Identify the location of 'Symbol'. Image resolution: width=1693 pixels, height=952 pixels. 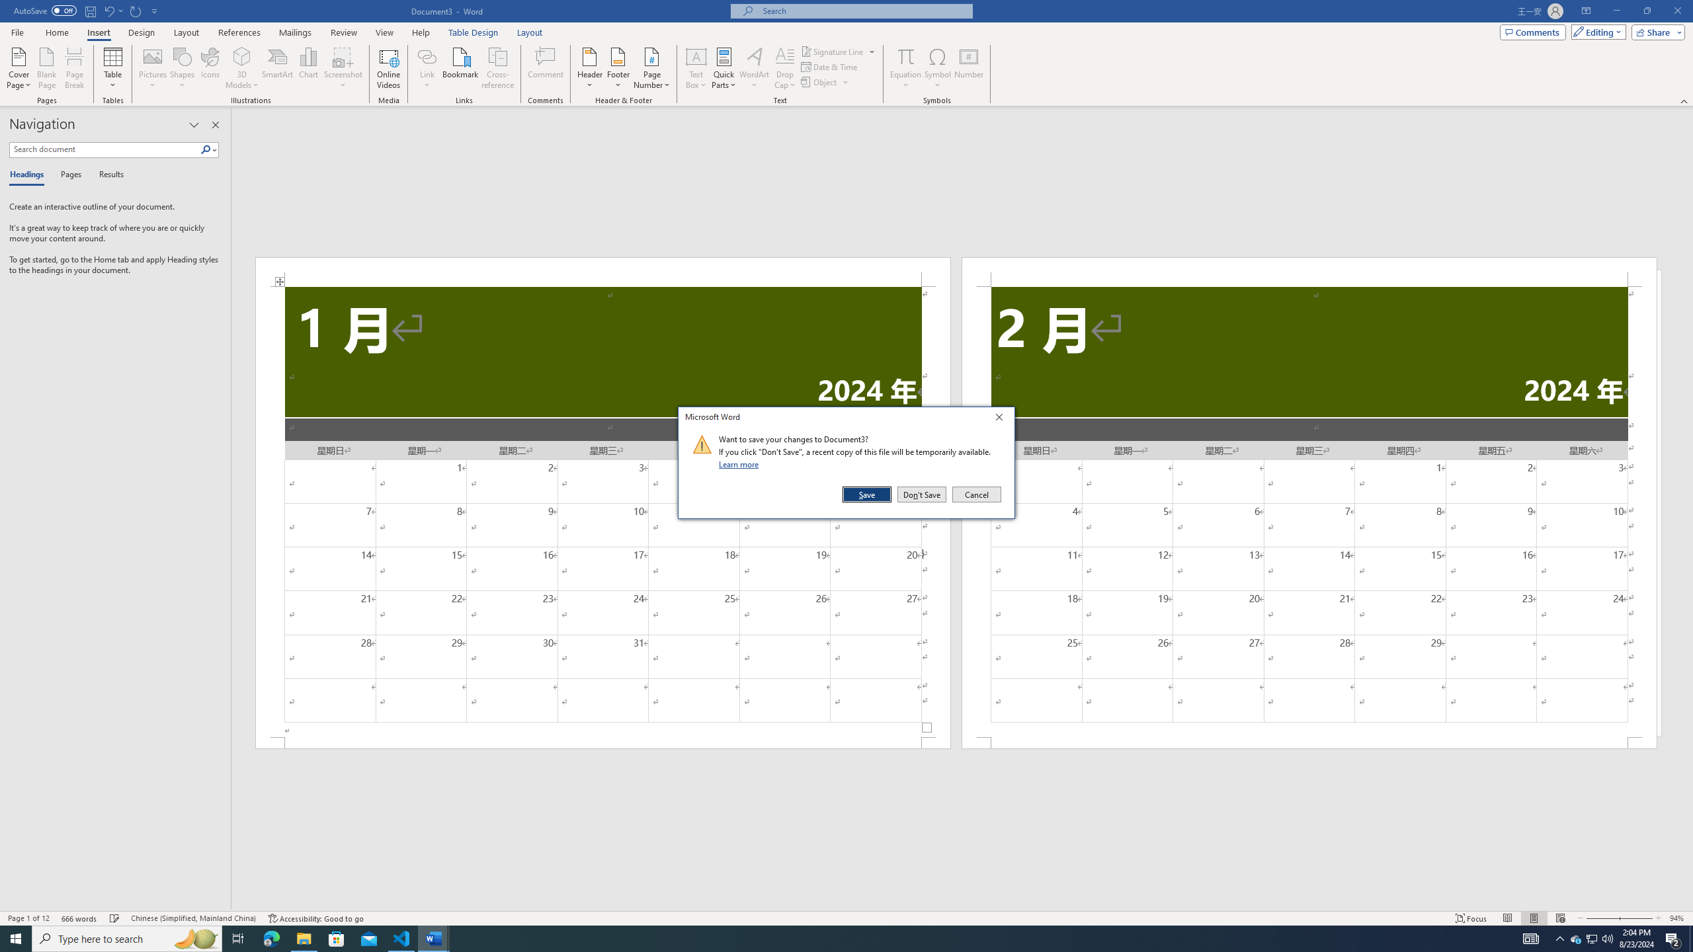
(938, 68).